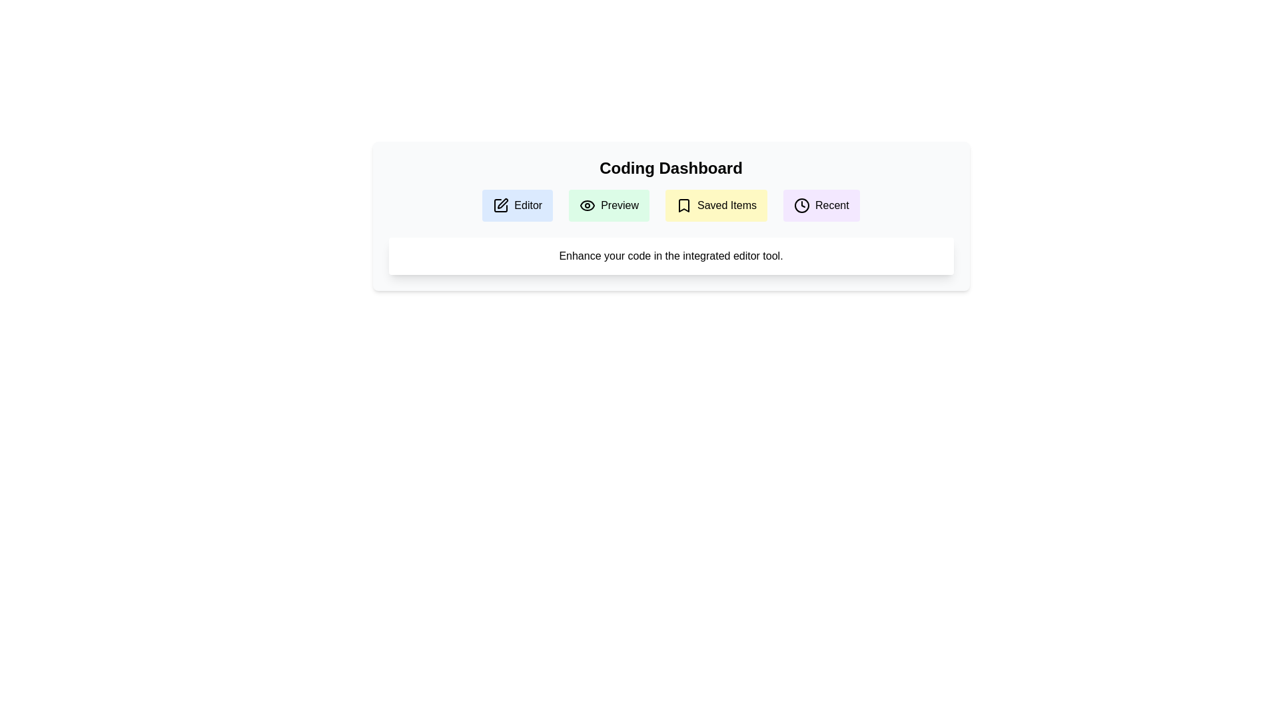 Image resolution: width=1279 pixels, height=719 pixels. What do you see at coordinates (587, 205) in the screenshot?
I see `the 'Preview' icon, which is the second button in a horizontal menu of four buttons, centrally placed within its button` at bounding box center [587, 205].